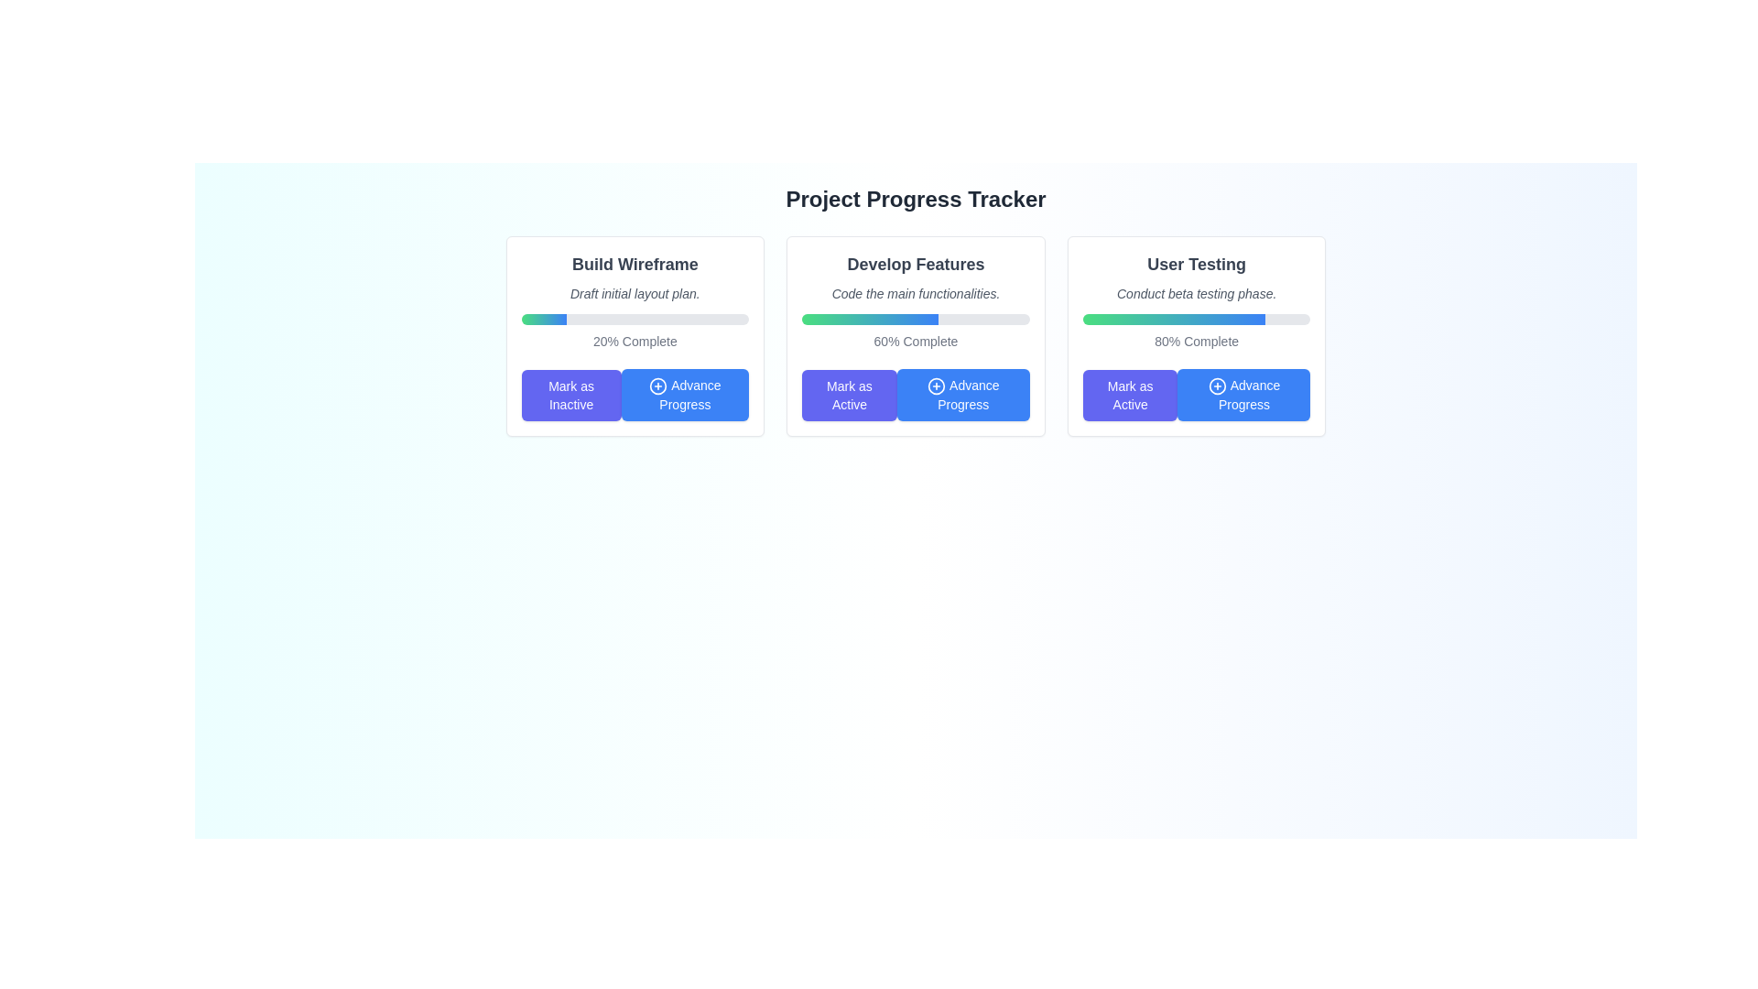 The height and width of the screenshot is (989, 1758). What do you see at coordinates (962, 394) in the screenshot?
I see `the button located in the 'Develop Features' section` at bounding box center [962, 394].